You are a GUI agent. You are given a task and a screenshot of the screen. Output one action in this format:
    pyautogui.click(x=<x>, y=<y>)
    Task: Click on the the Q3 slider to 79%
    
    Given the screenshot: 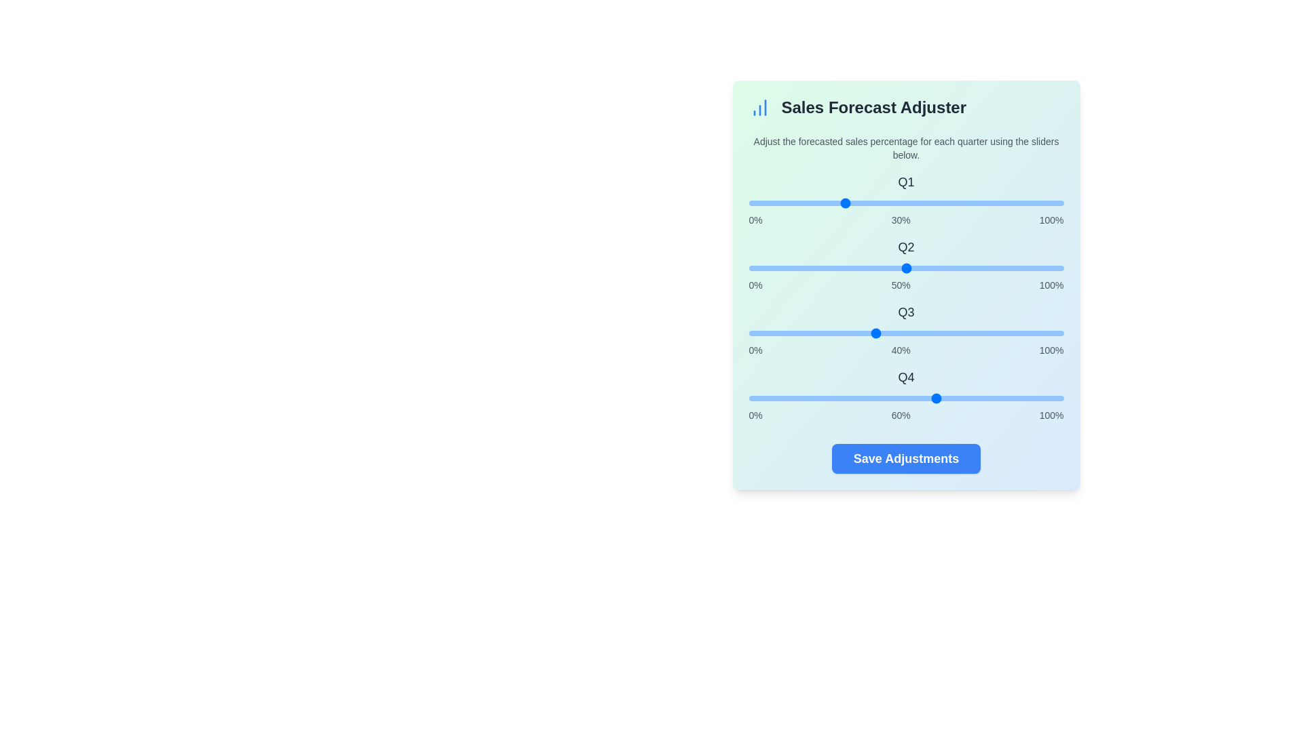 What is the action you would take?
    pyautogui.click(x=998, y=333)
    